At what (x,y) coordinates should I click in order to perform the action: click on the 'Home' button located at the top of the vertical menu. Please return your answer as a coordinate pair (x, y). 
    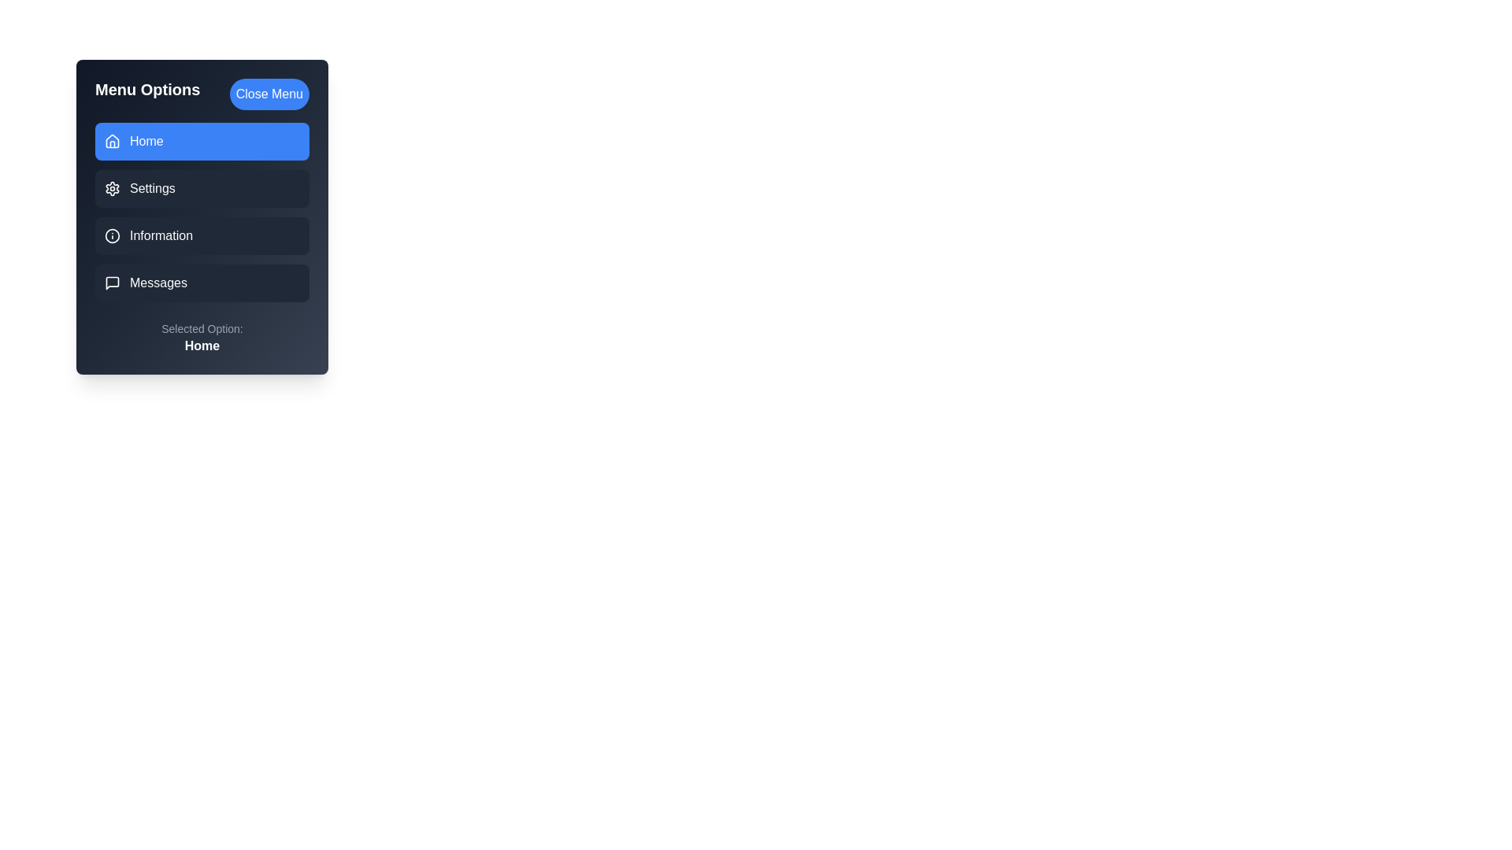
    Looking at the image, I should click on (202, 142).